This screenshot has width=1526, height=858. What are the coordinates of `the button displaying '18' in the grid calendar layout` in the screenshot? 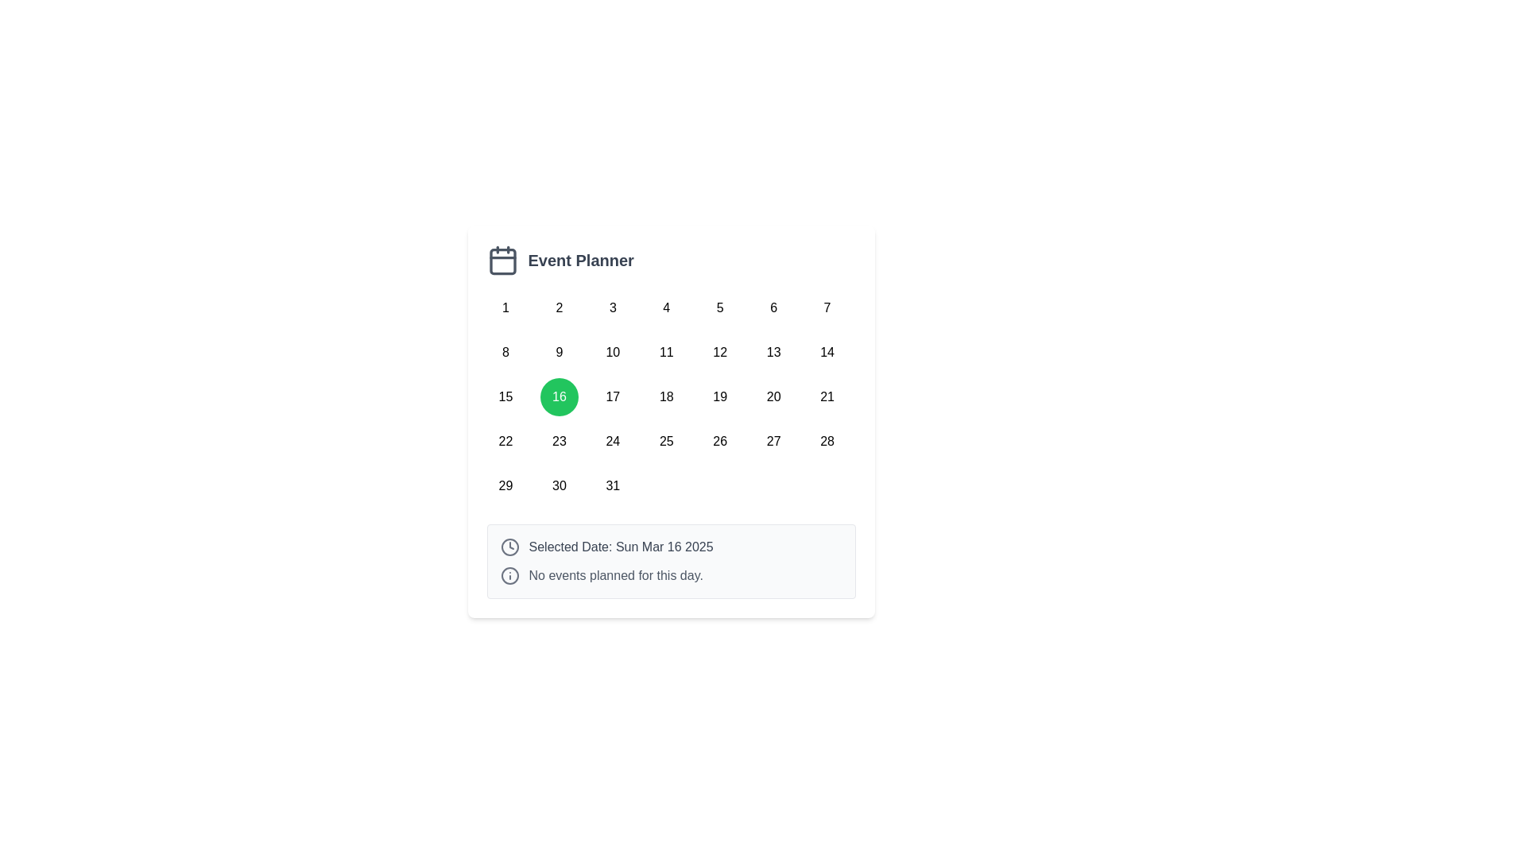 It's located at (666, 396).